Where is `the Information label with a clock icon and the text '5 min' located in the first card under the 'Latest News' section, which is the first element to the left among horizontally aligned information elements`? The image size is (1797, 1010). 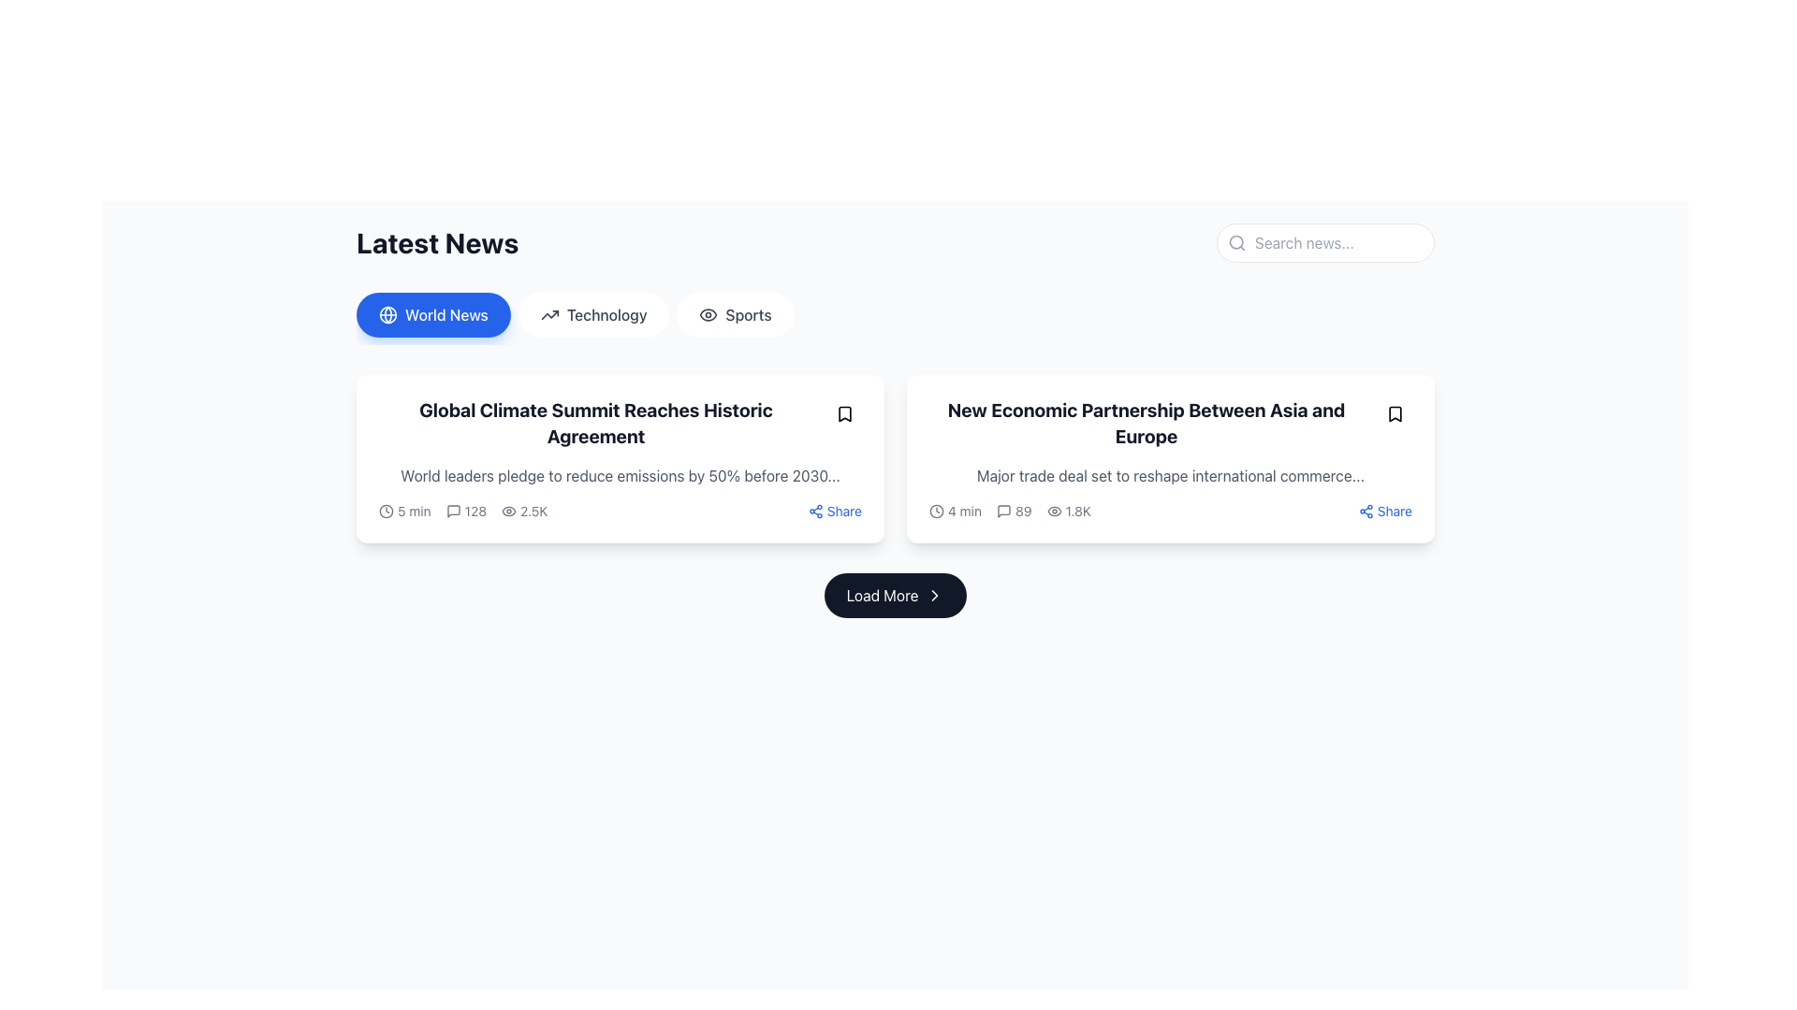 the Information label with a clock icon and the text '5 min' located in the first card under the 'Latest News' section, which is the first element to the left among horizontally aligned information elements is located at coordinates (403, 512).